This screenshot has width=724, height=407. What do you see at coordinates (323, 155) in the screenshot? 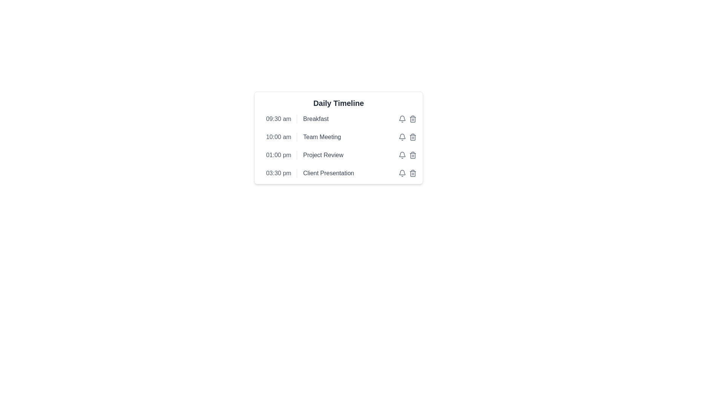
I see `the 'Project Review' text label in the Daily Timeline list interface, positioned at 01:00 pm, which is styled in gray color and serves as an event descriptor` at bounding box center [323, 155].